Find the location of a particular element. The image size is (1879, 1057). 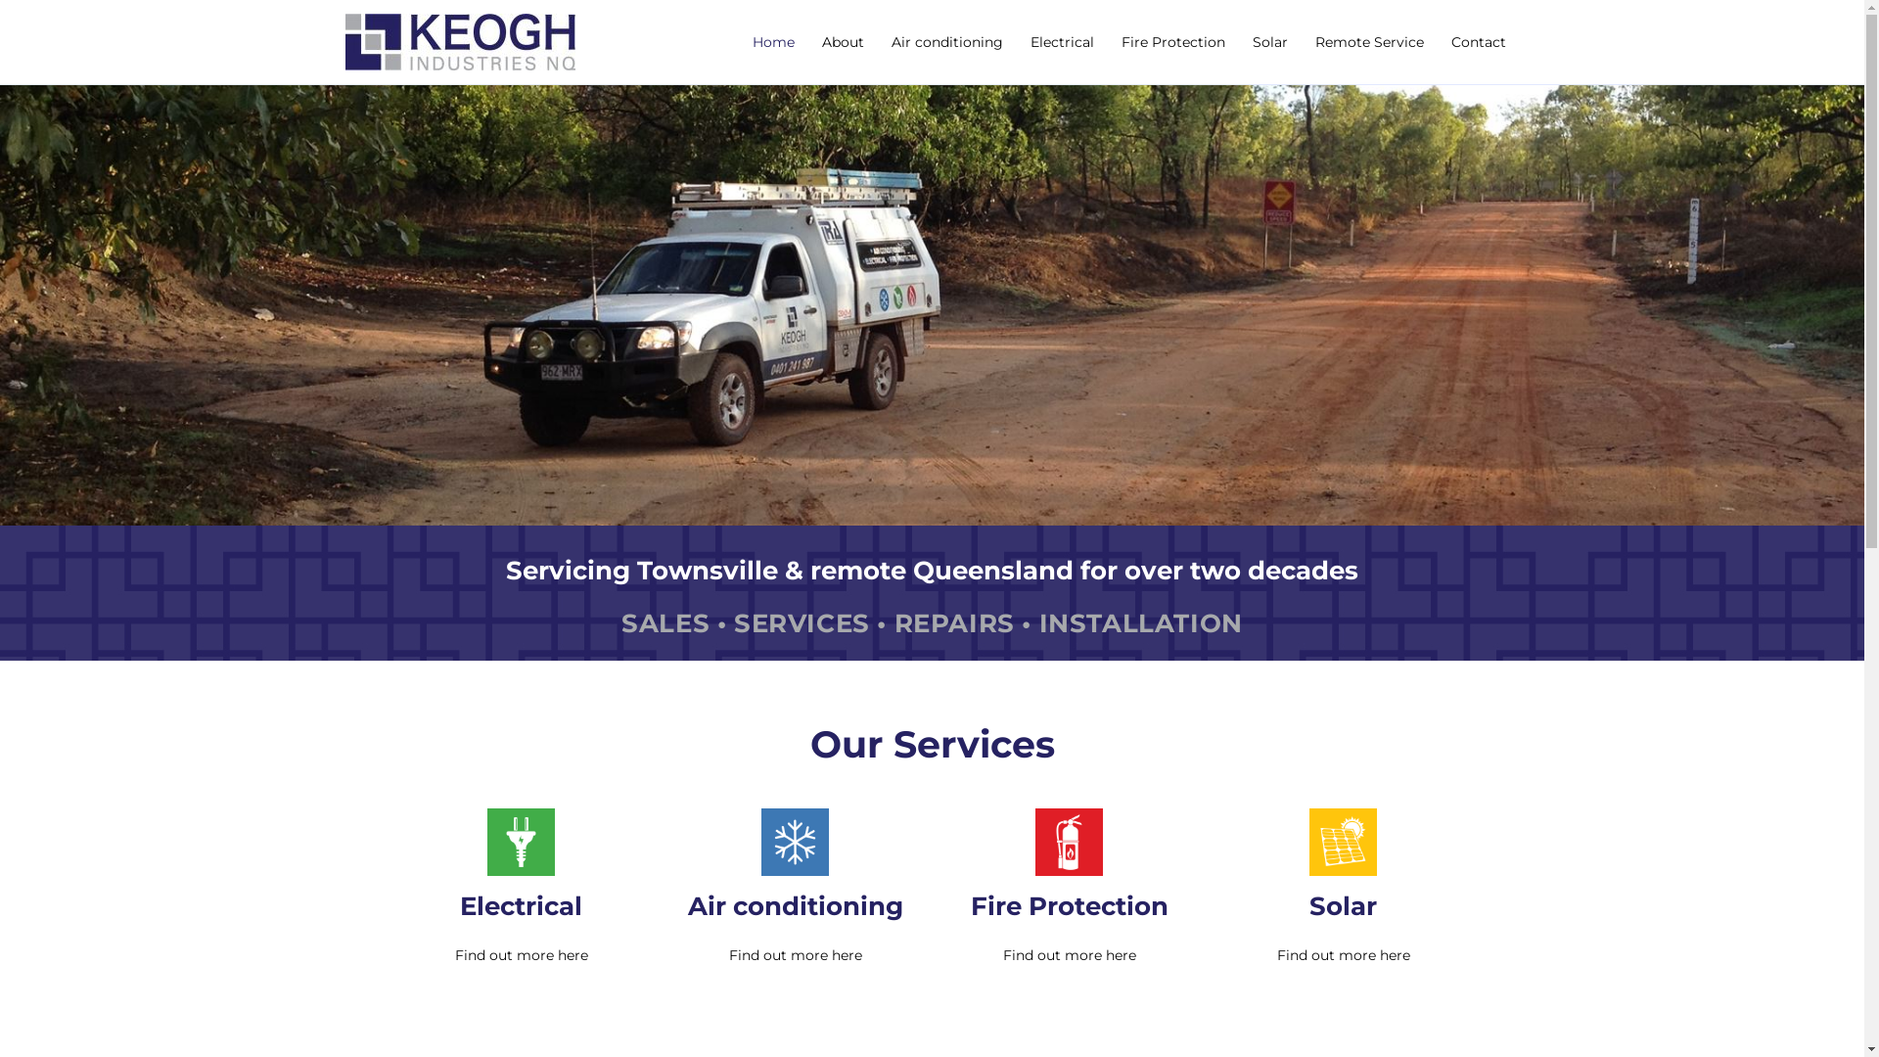

'Air conditioning' is located at coordinates (945, 41).